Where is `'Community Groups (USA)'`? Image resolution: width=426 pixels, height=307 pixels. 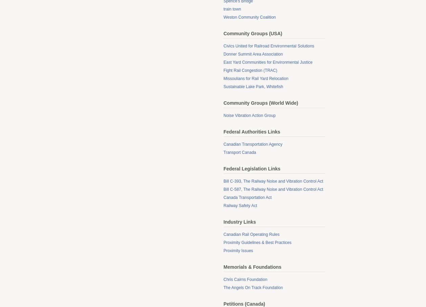 'Community Groups (USA)' is located at coordinates (253, 33).